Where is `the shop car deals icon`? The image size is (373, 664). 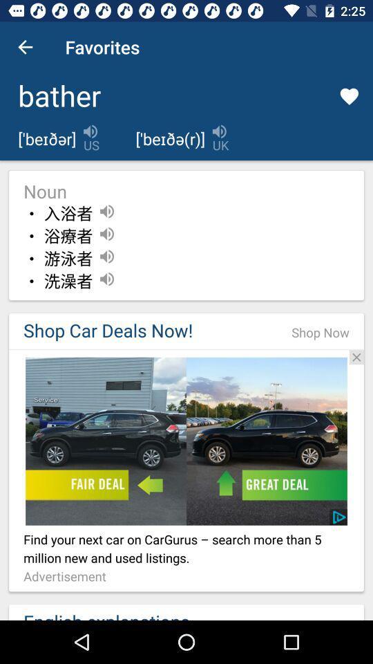
the shop car deals icon is located at coordinates (142, 331).